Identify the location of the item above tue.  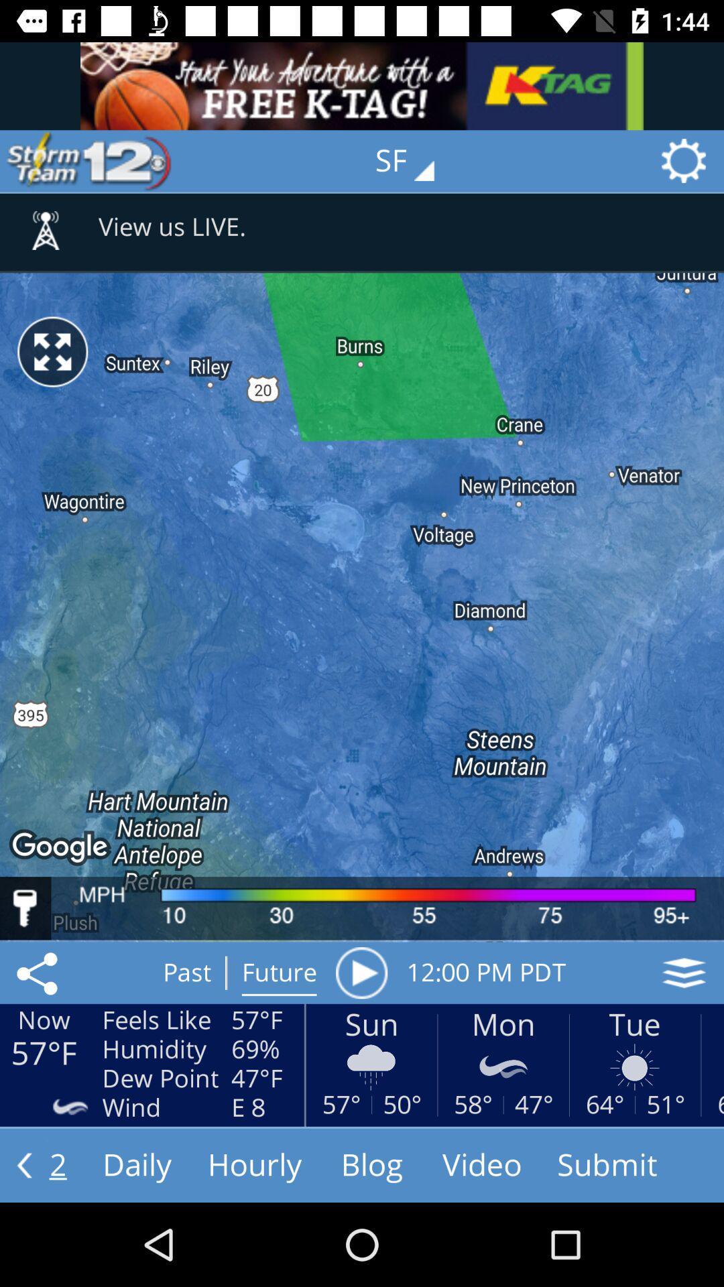
(684, 973).